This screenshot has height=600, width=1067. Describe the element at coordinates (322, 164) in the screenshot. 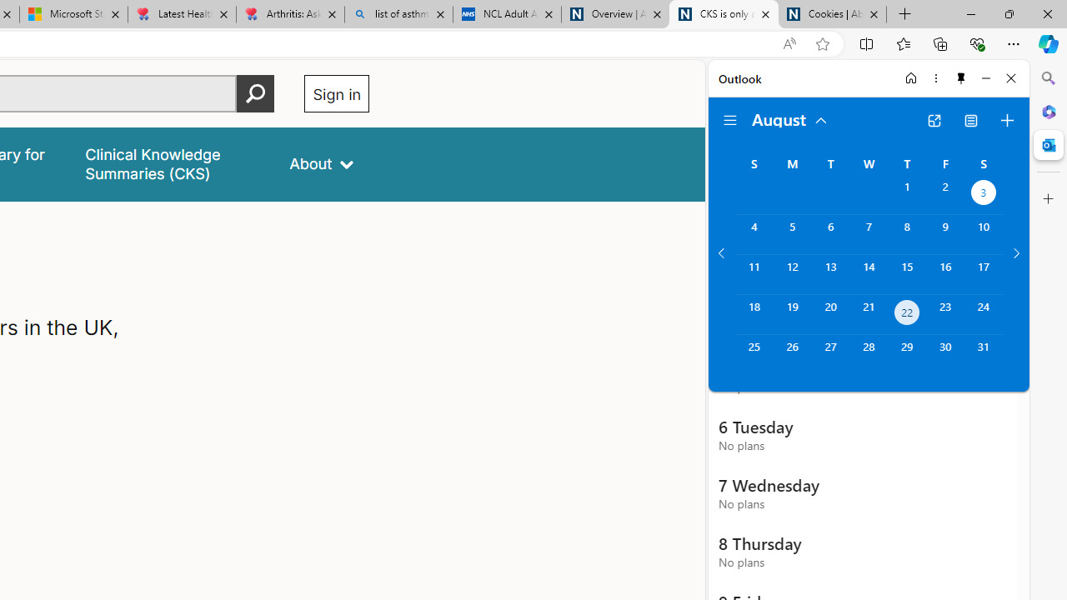

I see `'About'` at that location.